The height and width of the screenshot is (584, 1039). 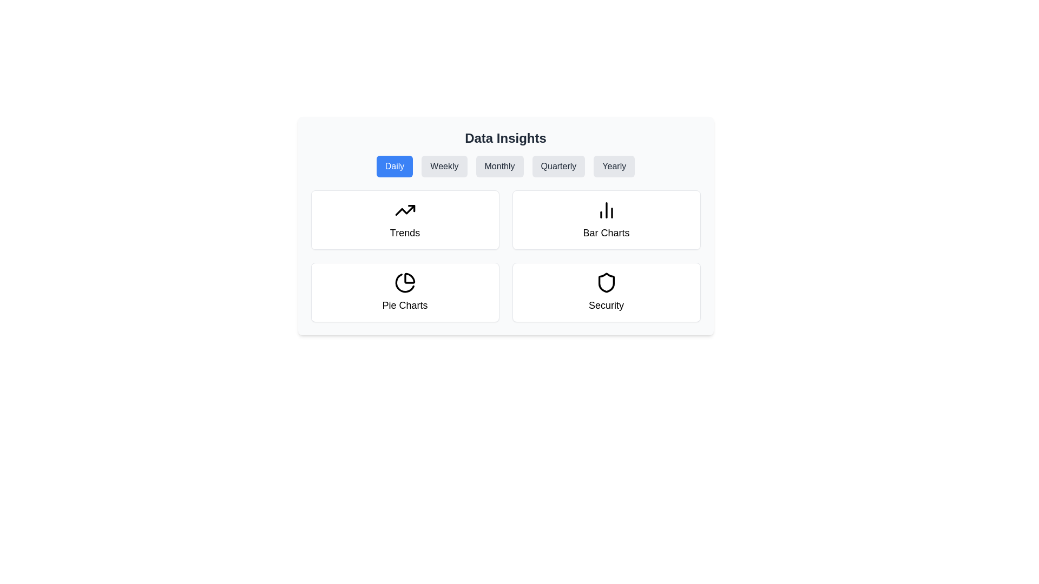 I want to click on the 'Trends' card located at the top-left corner of the grid layout, so click(x=404, y=220).